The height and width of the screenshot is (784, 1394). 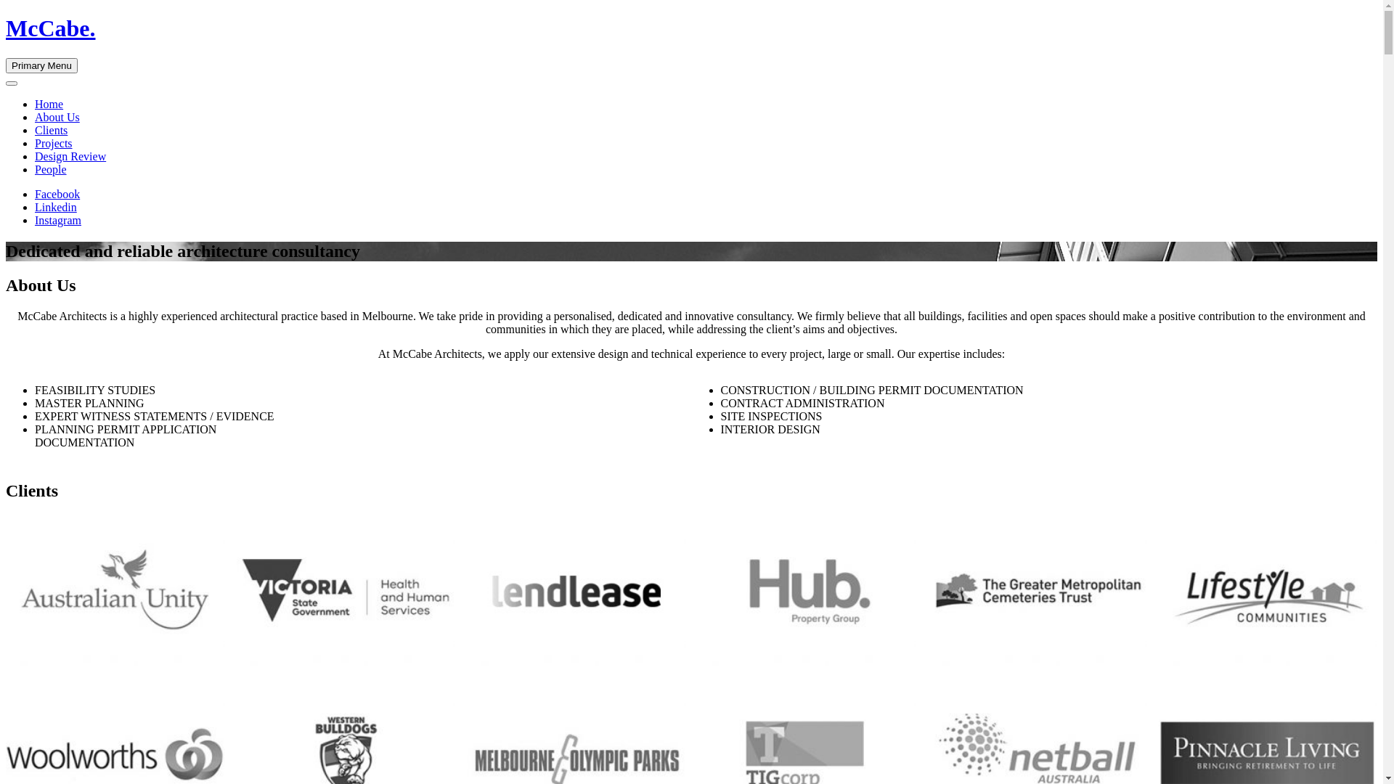 What do you see at coordinates (35, 103) in the screenshot?
I see `'Home'` at bounding box center [35, 103].